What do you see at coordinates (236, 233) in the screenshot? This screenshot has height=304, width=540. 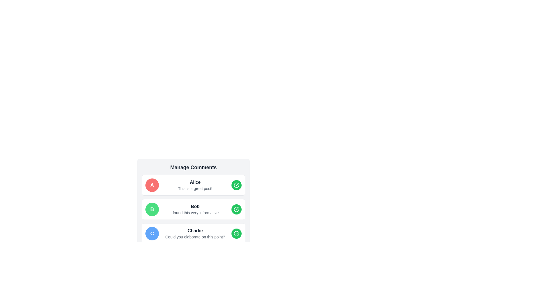 I see `the circular green button with a white checkmark located at the bottom-right corner of Charlie's comment card to observe the hover effect` at bounding box center [236, 233].